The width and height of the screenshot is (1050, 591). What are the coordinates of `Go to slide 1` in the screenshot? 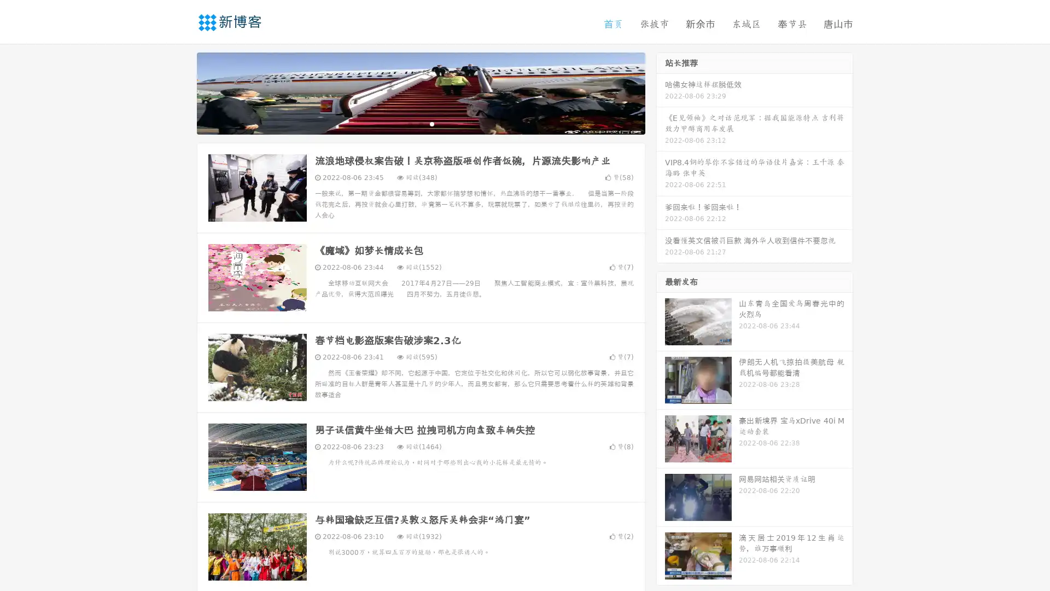 It's located at (409, 123).